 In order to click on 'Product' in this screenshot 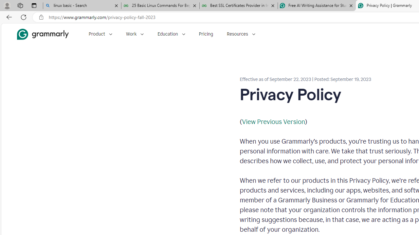, I will do `click(100, 34)`.